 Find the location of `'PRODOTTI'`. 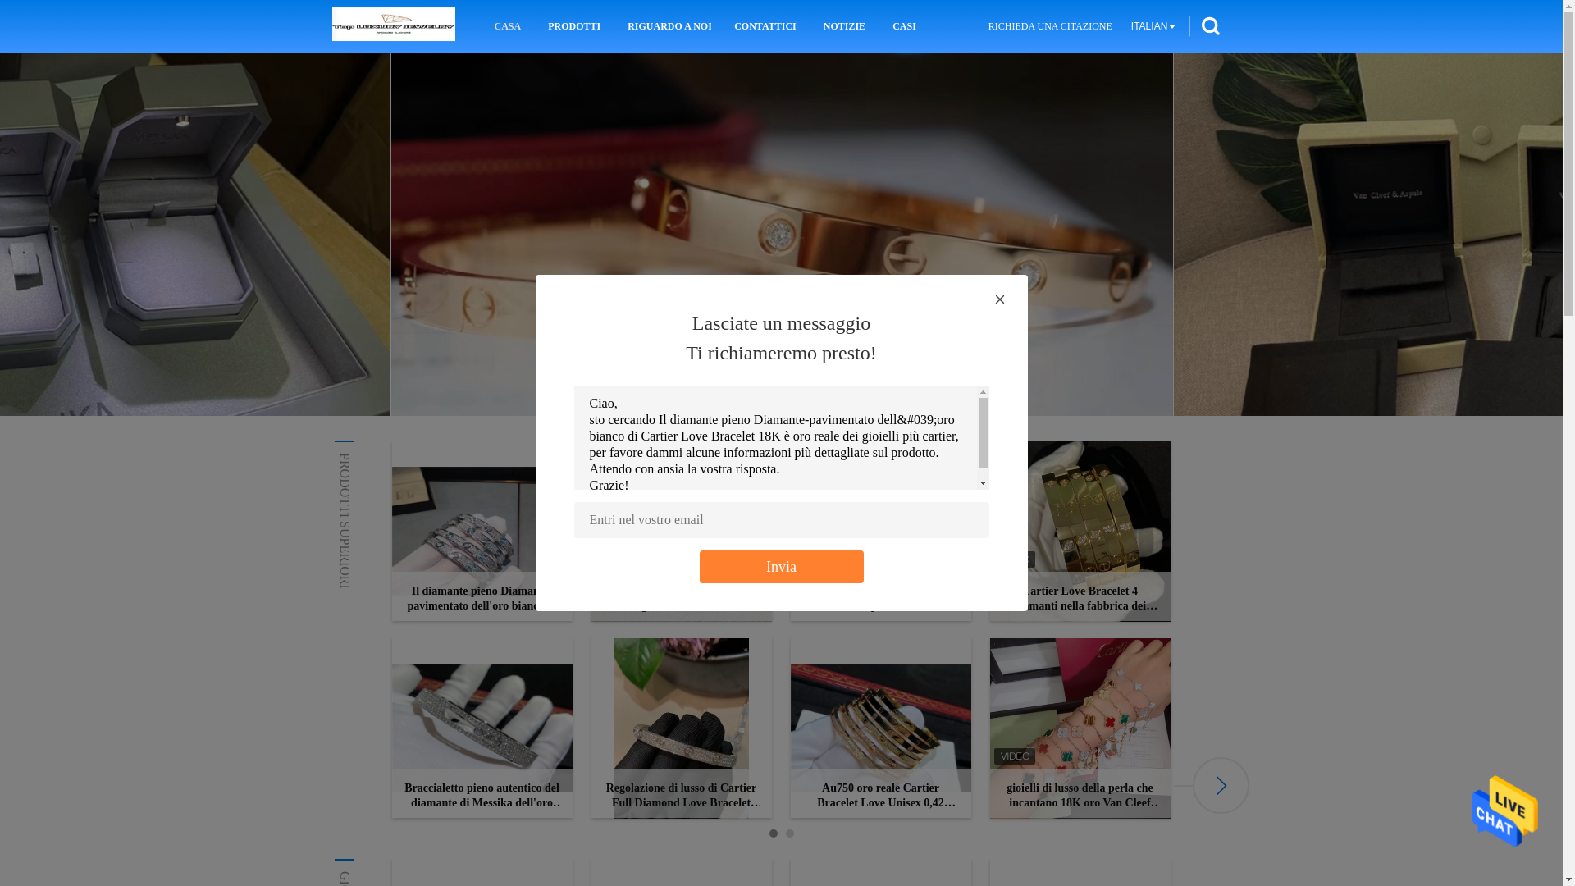

'PRODOTTI' is located at coordinates (574, 25).